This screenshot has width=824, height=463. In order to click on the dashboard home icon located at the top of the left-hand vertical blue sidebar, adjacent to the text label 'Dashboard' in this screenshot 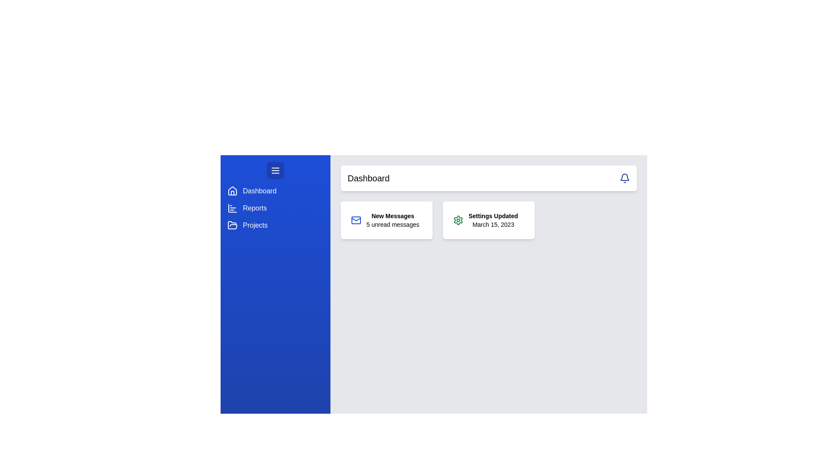, I will do `click(233, 191)`.